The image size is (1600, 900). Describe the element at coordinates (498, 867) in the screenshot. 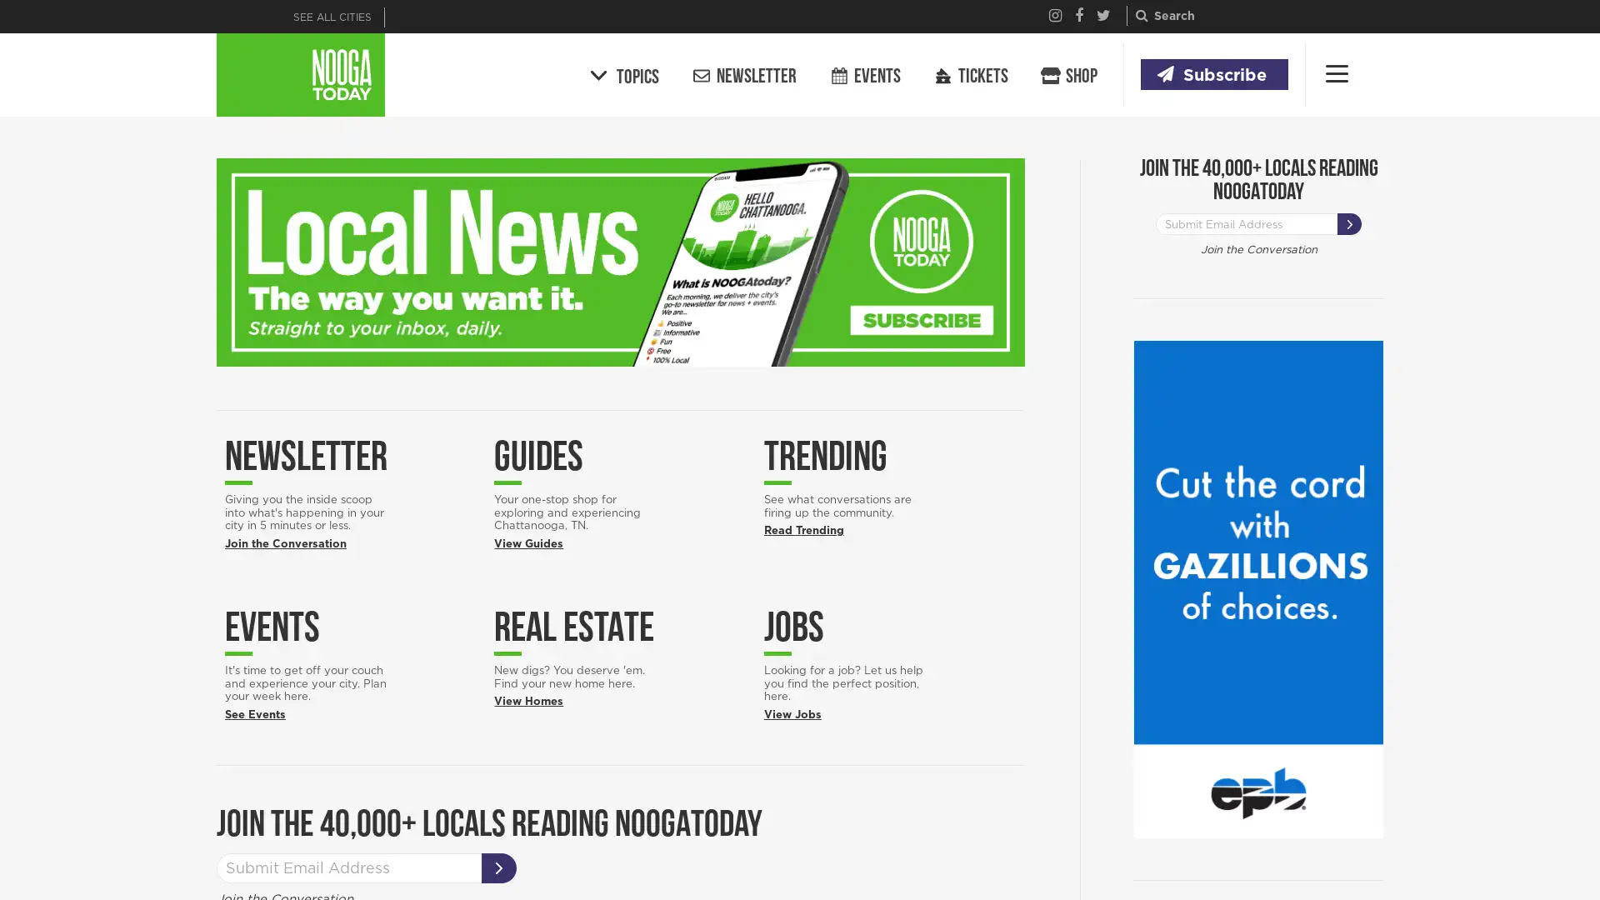

I see `SUBSCRIBE` at that location.